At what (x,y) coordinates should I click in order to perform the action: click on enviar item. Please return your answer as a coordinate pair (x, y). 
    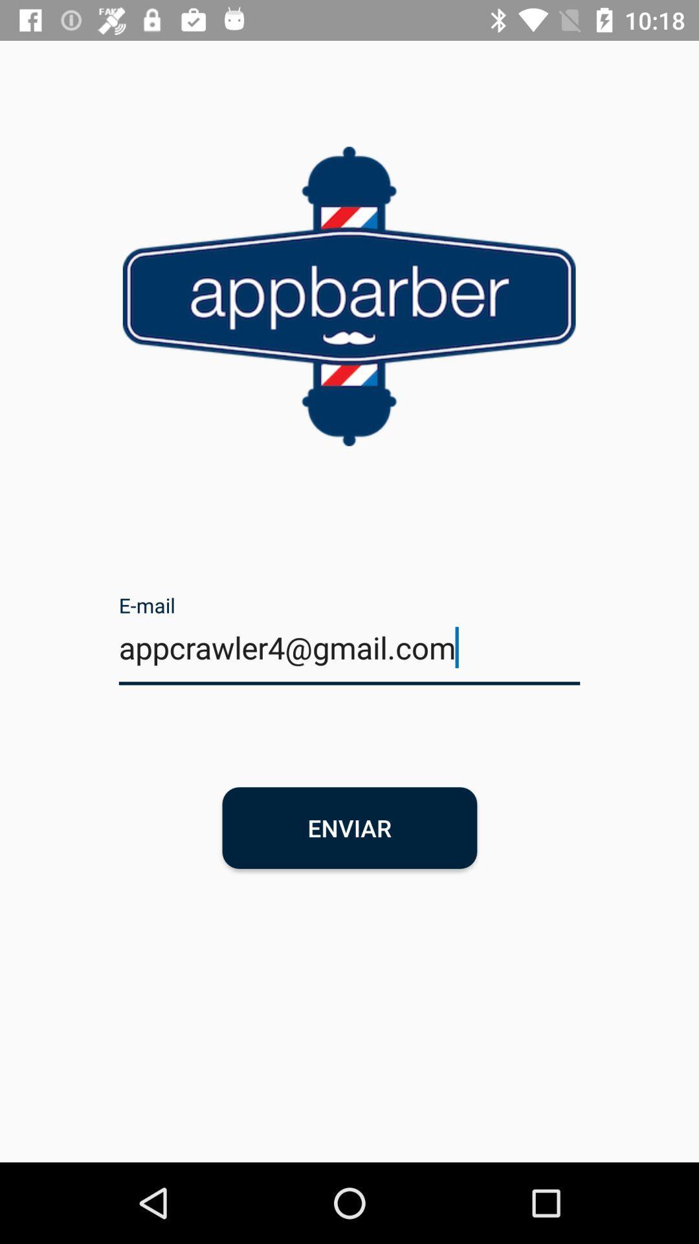
    Looking at the image, I should click on (349, 827).